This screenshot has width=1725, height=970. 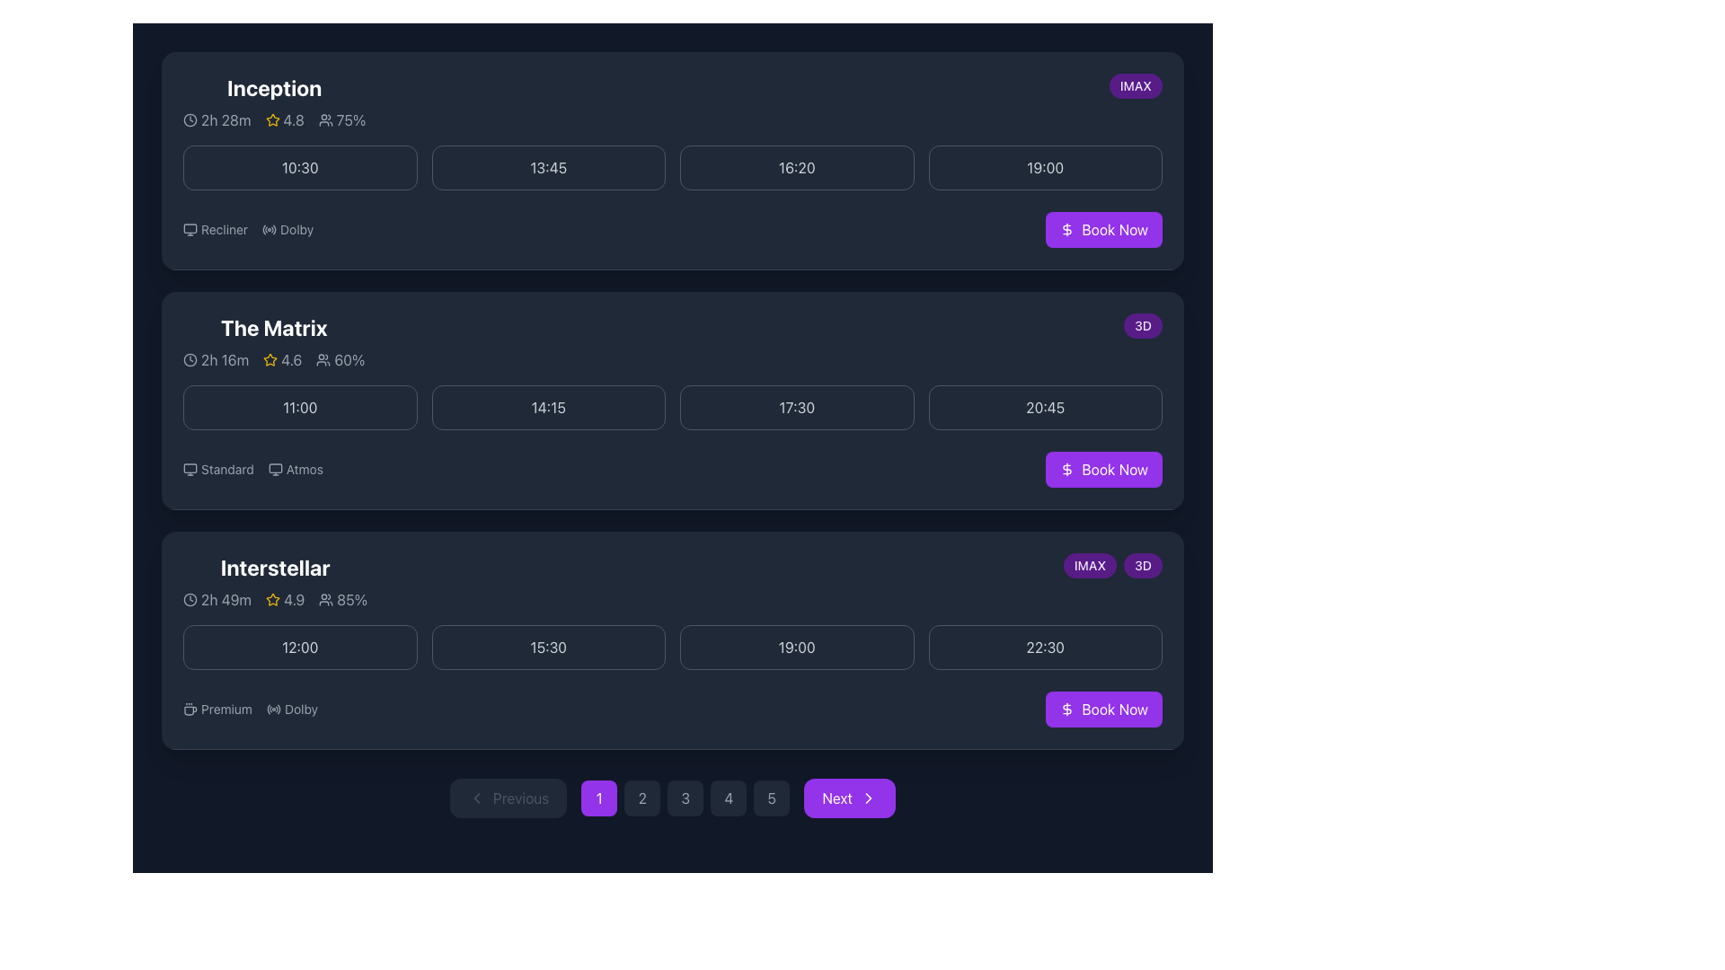 I want to click on the yellow star-shaped rating icon for the movie 'The Matrix', so click(x=270, y=359).